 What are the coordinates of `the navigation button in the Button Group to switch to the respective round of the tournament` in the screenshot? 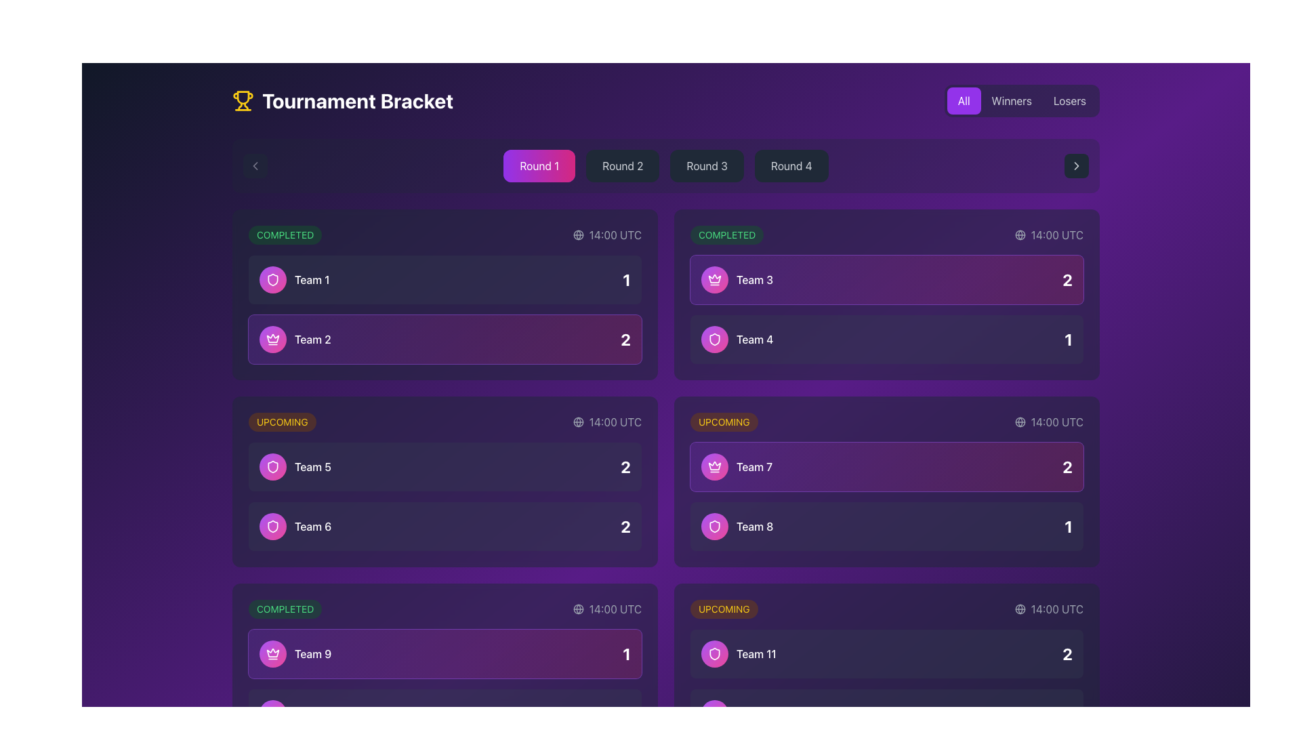 It's located at (666, 165).